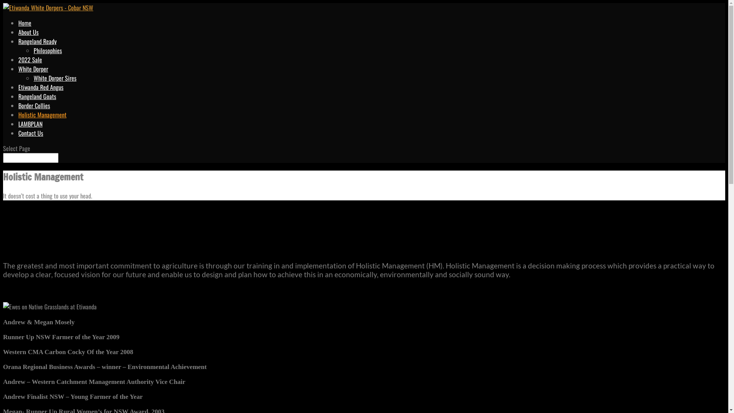 The image size is (734, 413). Describe the element at coordinates (30, 59) in the screenshot. I see `'2022 Sale'` at that location.